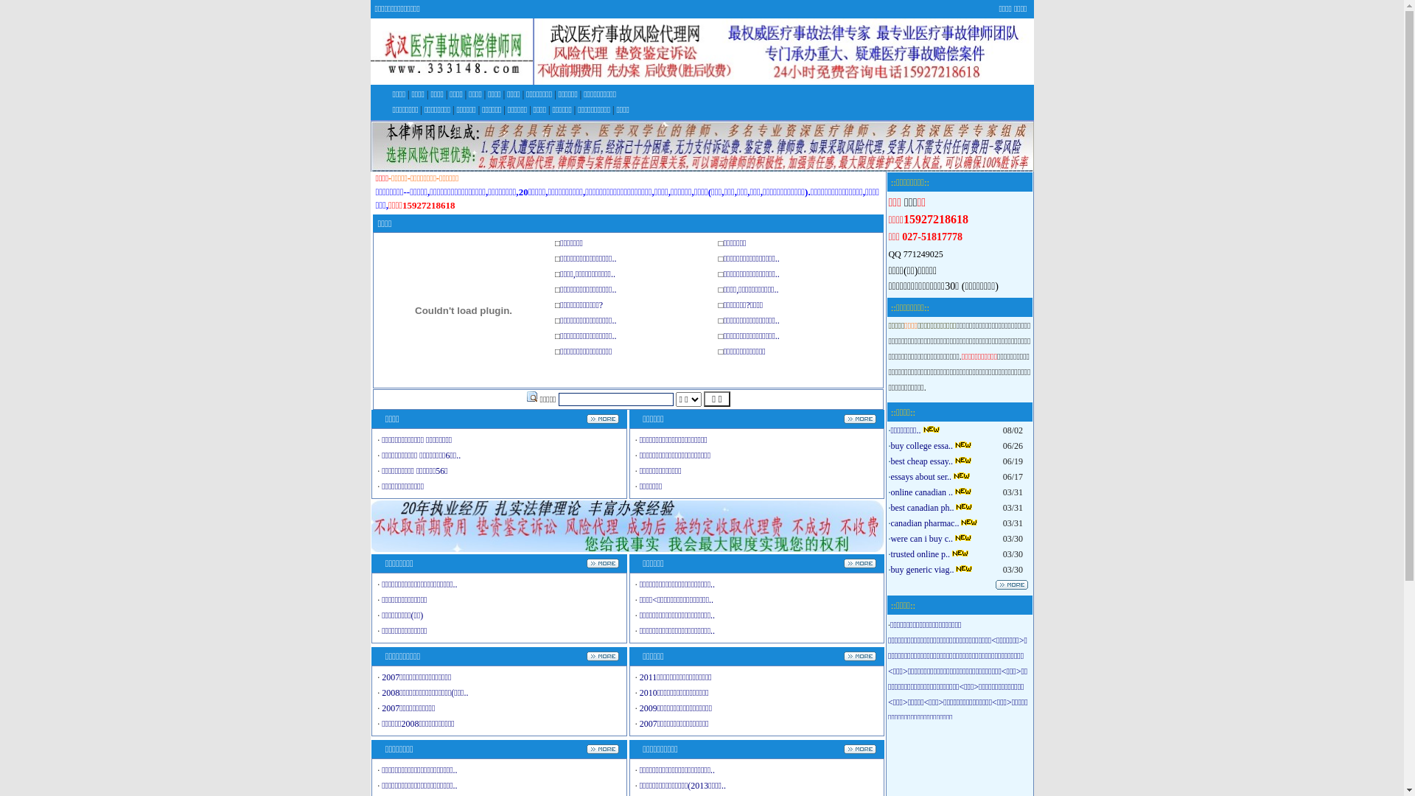  I want to click on 'best cheap essay..', so click(920, 460).